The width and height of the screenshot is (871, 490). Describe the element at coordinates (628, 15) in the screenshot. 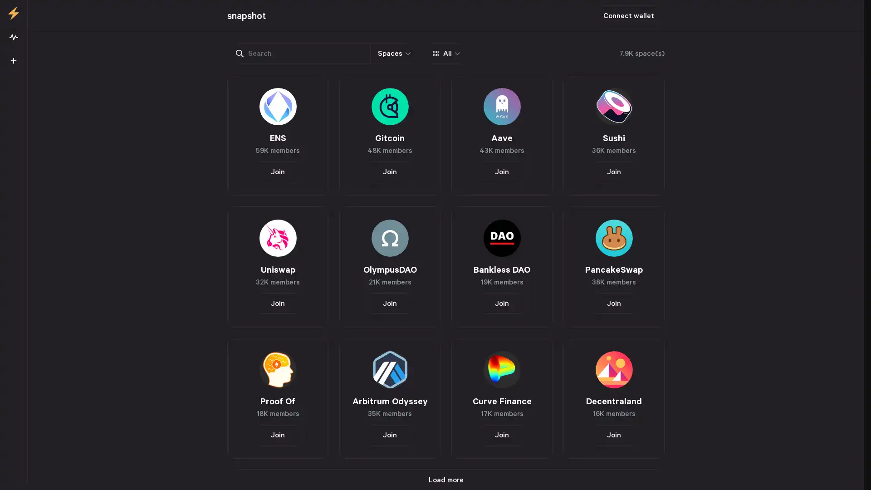

I see `Connect wallet` at that location.